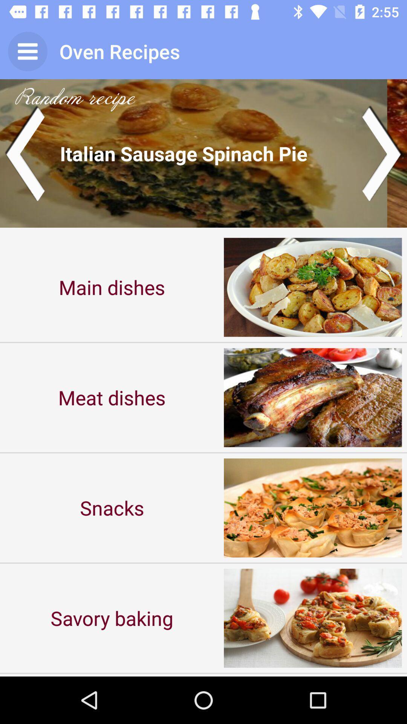 The width and height of the screenshot is (407, 724). What do you see at coordinates (382, 153) in the screenshot?
I see `next image` at bounding box center [382, 153].